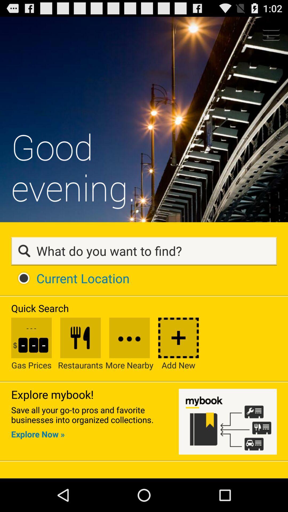 The image size is (288, 512). Describe the element at coordinates (129, 369) in the screenshot. I see `the more icon` at that location.